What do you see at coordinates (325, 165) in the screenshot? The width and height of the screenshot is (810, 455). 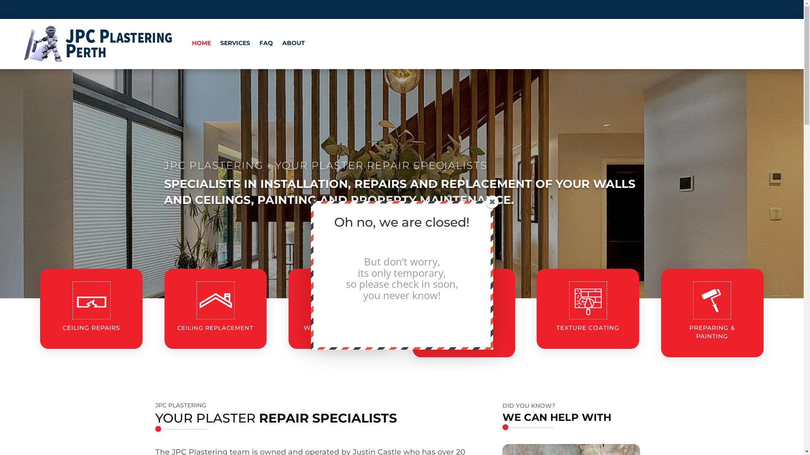 I see `'JPC PLASTERING - YOUR PLASTER REPAIR SPECIALISTS'` at bounding box center [325, 165].